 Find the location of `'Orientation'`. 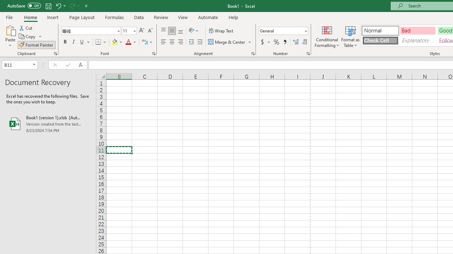

'Orientation' is located at coordinates (194, 30).